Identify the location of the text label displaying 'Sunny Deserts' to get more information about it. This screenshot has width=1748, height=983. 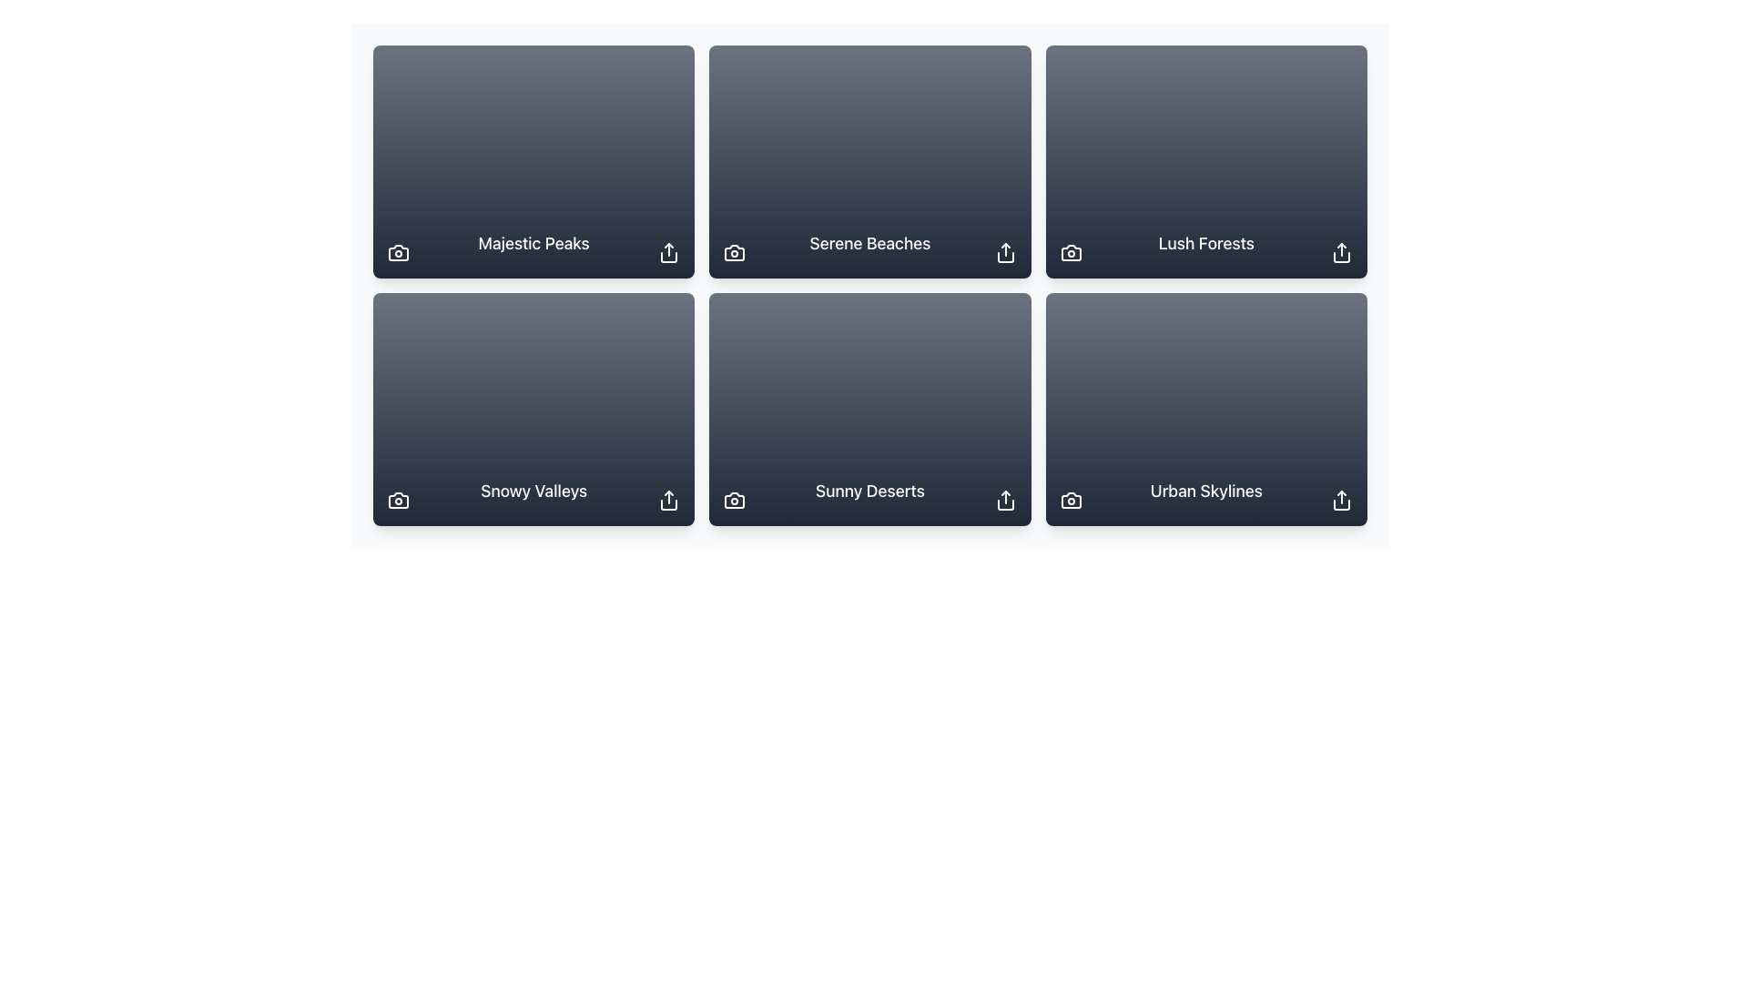
(869, 502).